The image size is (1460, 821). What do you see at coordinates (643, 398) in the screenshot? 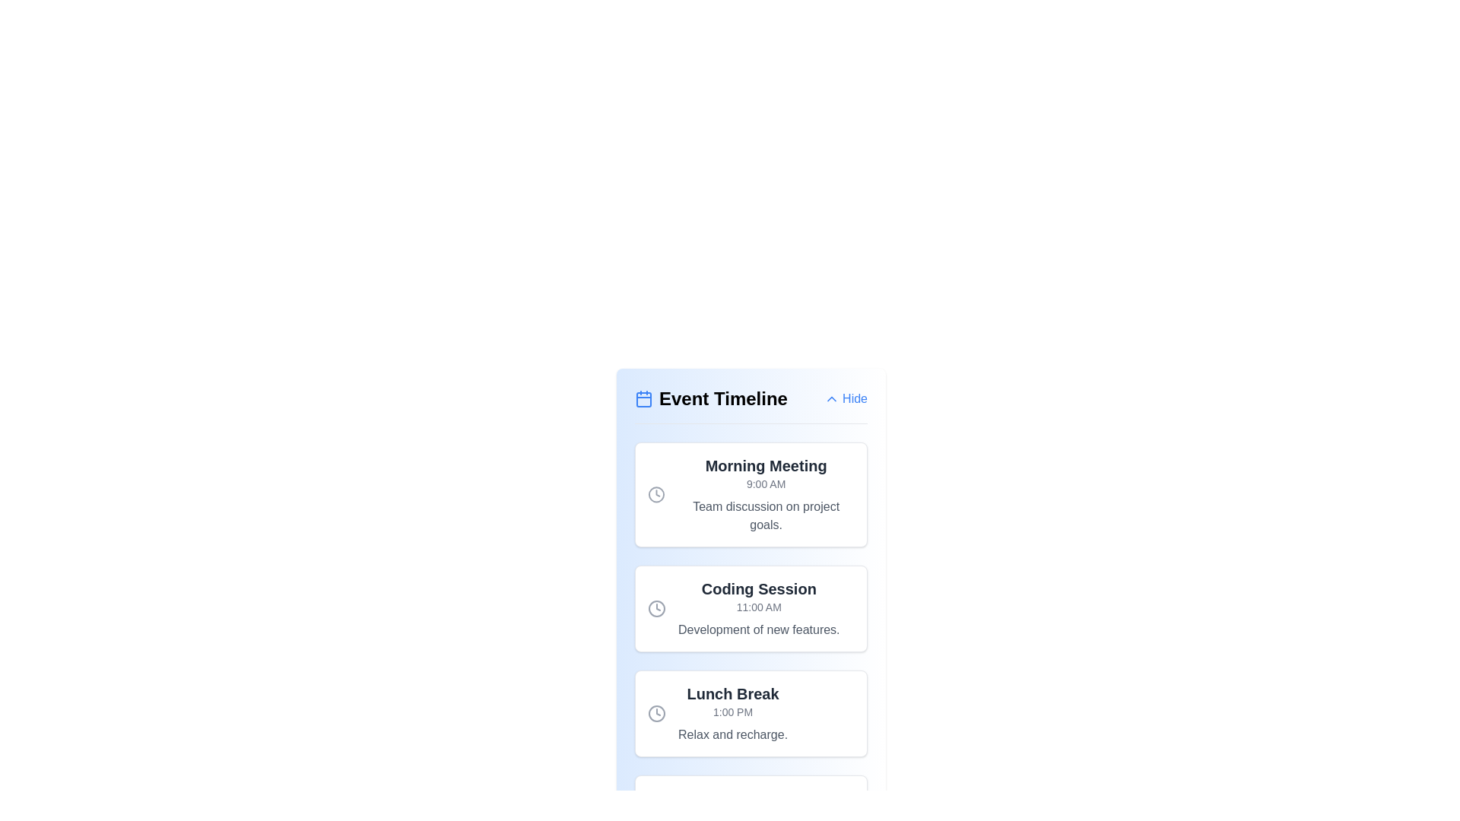
I see `the calendar-related event icon located to the left of the 'Event Timeline' text in the header section` at bounding box center [643, 398].